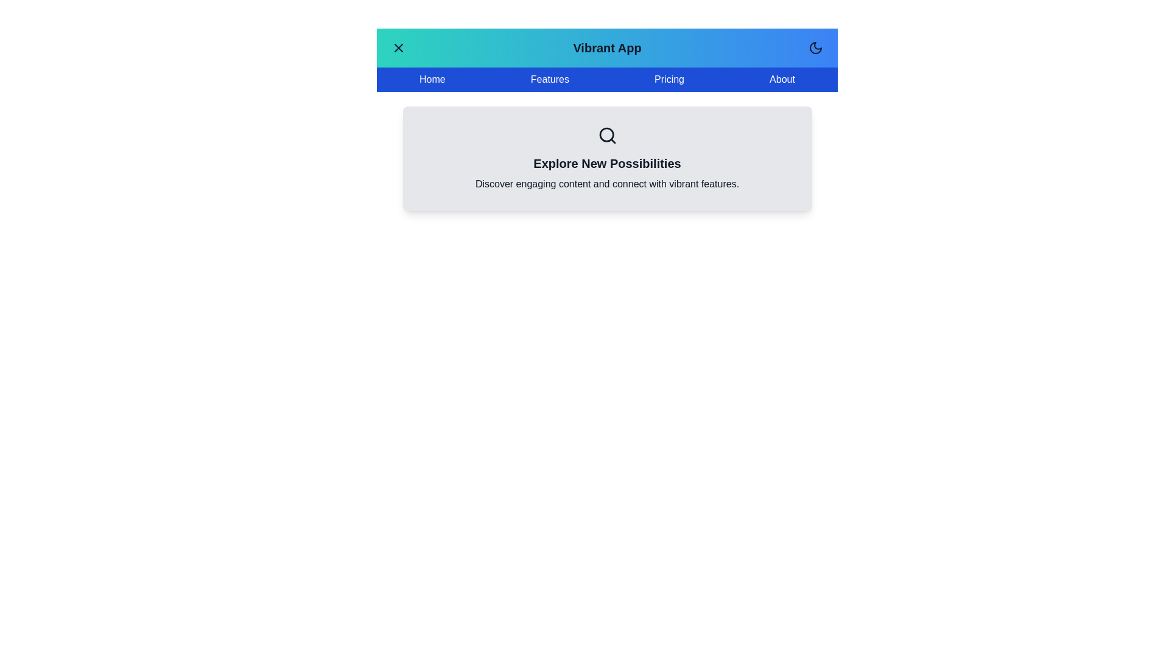  I want to click on the search icon to initiate a search action, so click(607, 136).